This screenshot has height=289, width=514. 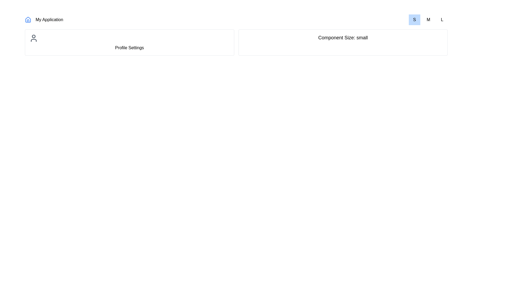 What do you see at coordinates (442, 19) in the screenshot?
I see `the button displaying 'L', which is the last button in a horizontal group of three buttons at the top-right corner of the interface` at bounding box center [442, 19].